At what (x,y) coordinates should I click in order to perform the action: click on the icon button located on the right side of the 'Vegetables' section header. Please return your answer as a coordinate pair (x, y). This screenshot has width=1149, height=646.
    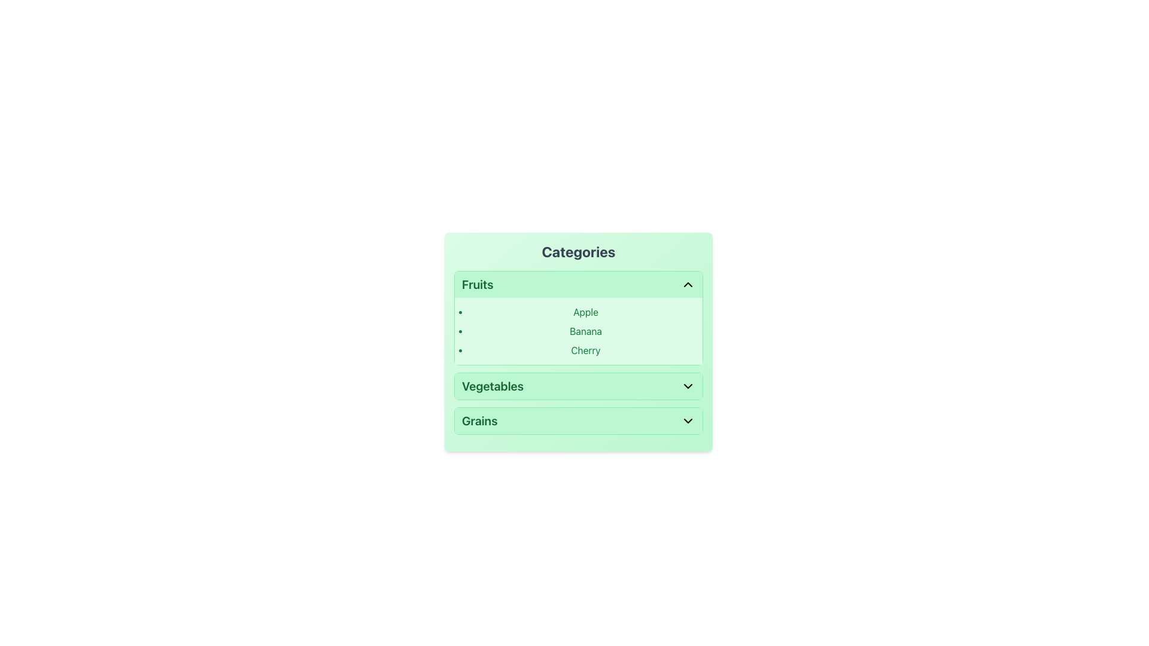
    Looking at the image, I should click on (688, 386).